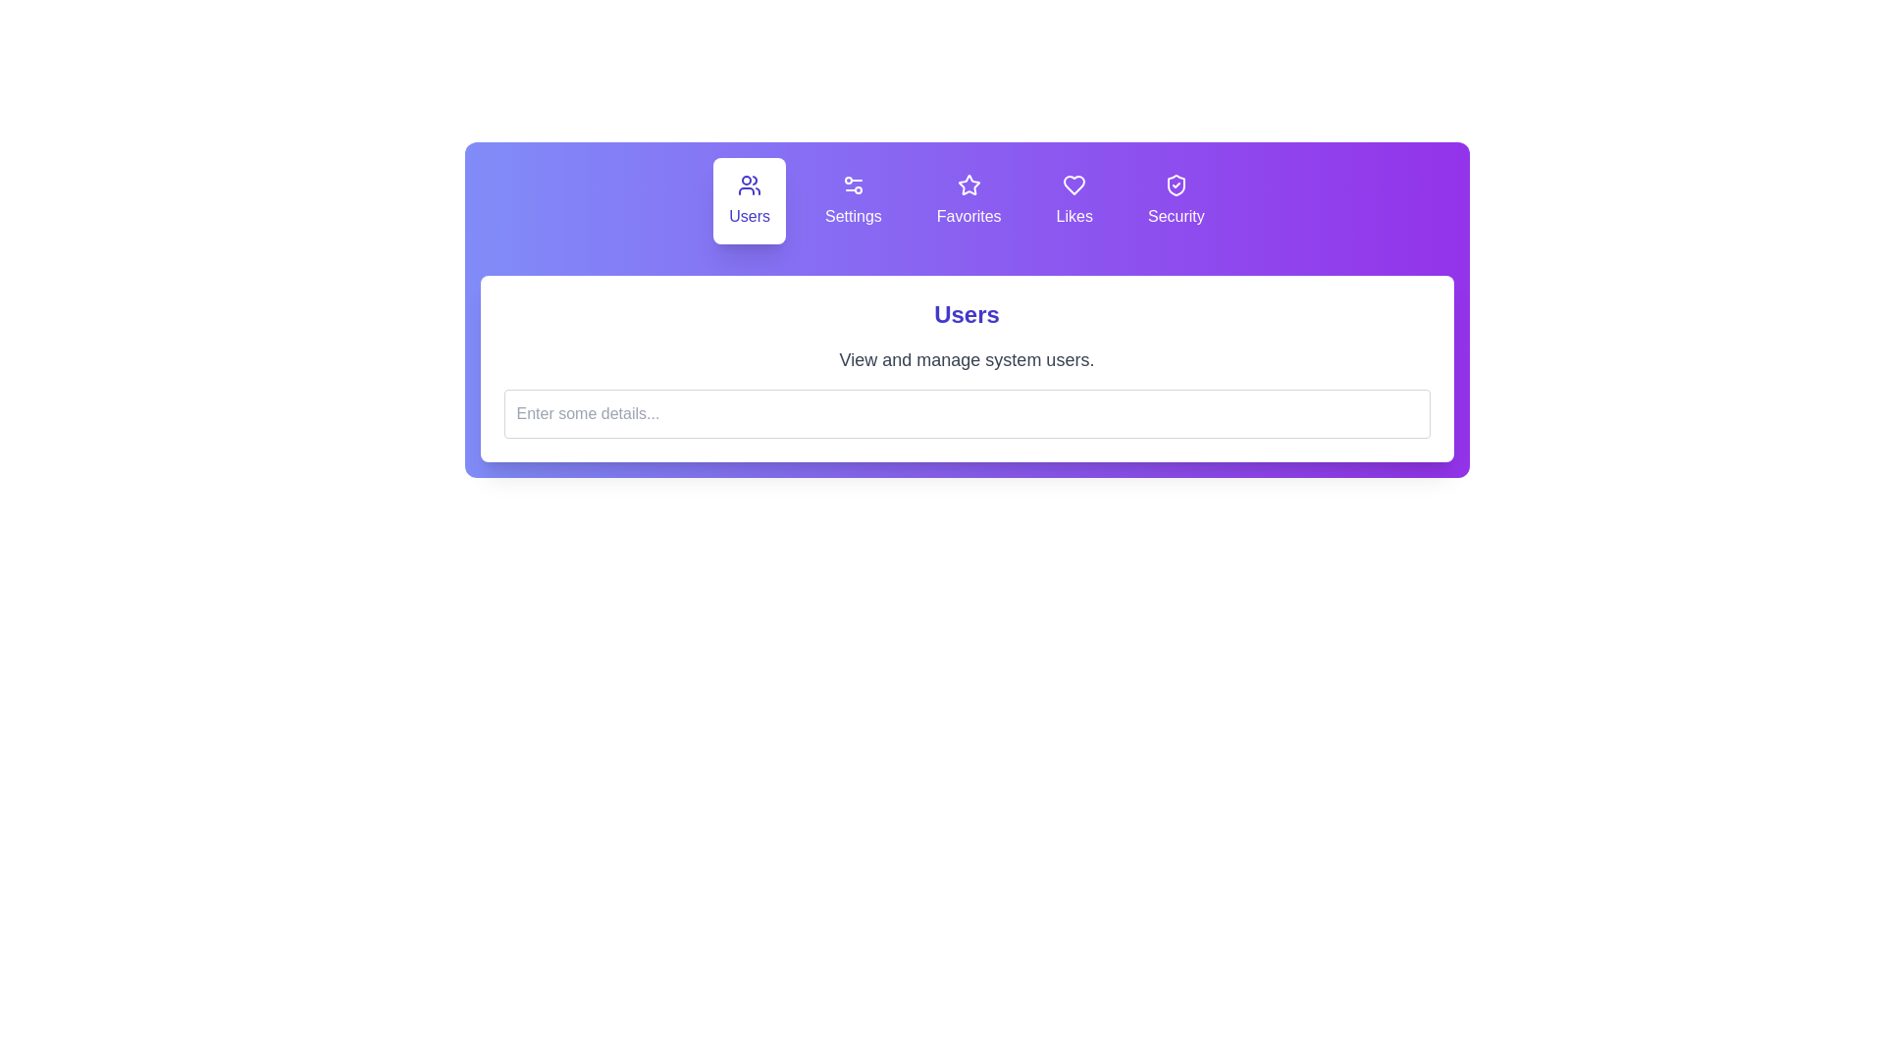 This screenshot has height=1060, width=1884. What do you see at coordinates (853, 200) in the screenshot?
I see `the tab labeled Settings to read its description` at bounding box center [853, 200].